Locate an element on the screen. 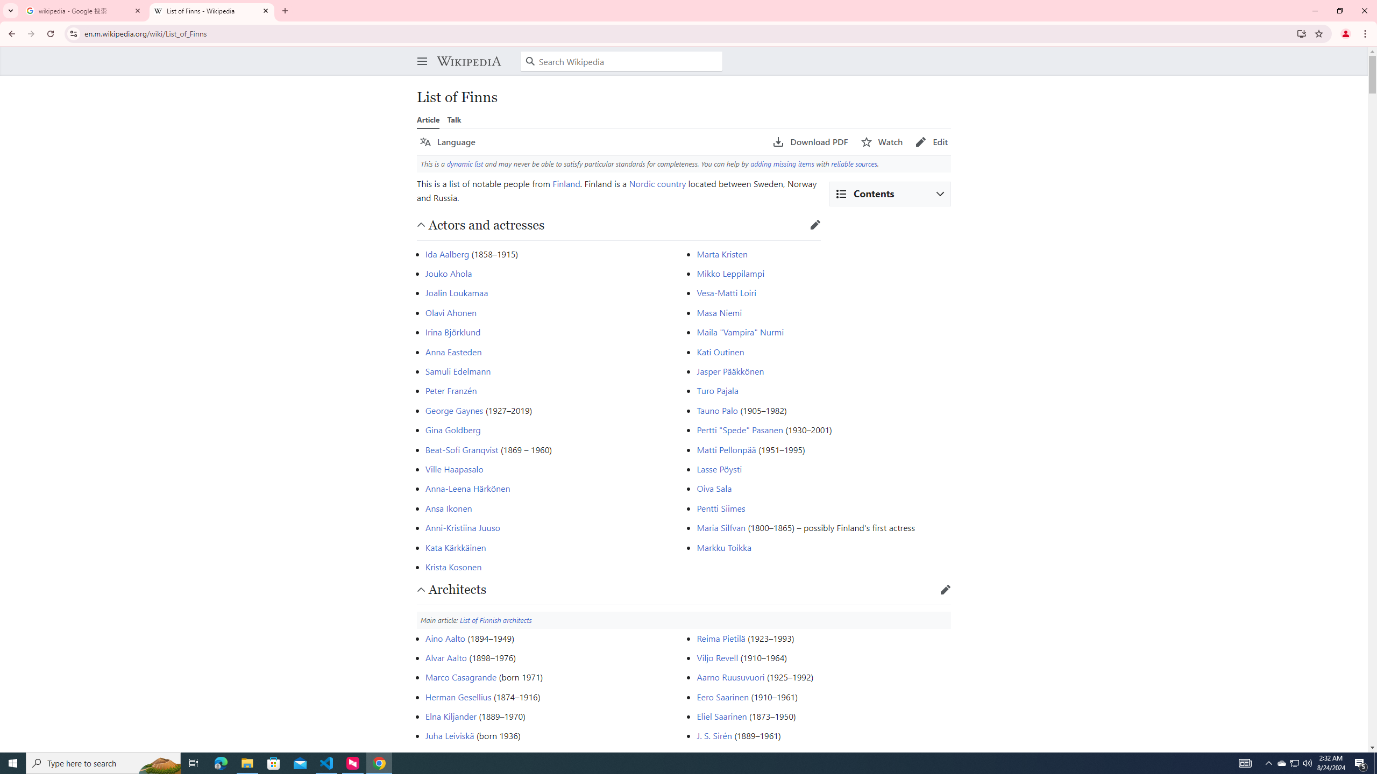 The image size is (1377, 774). 'Vesa-Matti Loiri' is located at coordinates (726, 292).